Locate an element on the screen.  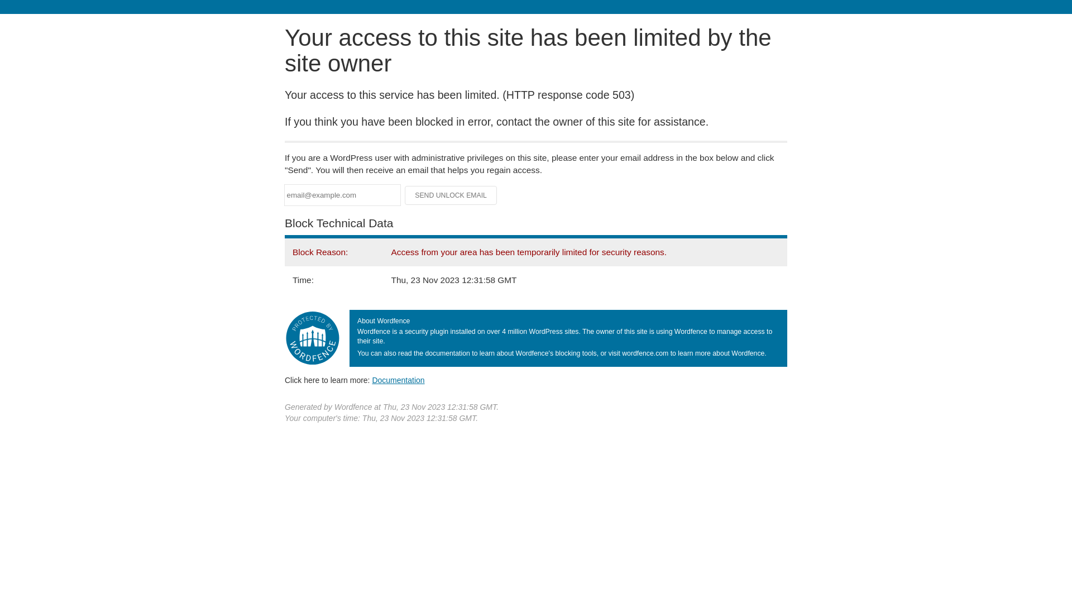
'Documentation' is located at coordinates (398, 380).